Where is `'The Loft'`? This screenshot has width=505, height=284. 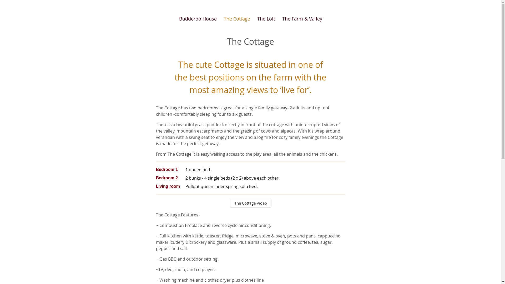 'The Loft' is located at coordinates (266, 19).